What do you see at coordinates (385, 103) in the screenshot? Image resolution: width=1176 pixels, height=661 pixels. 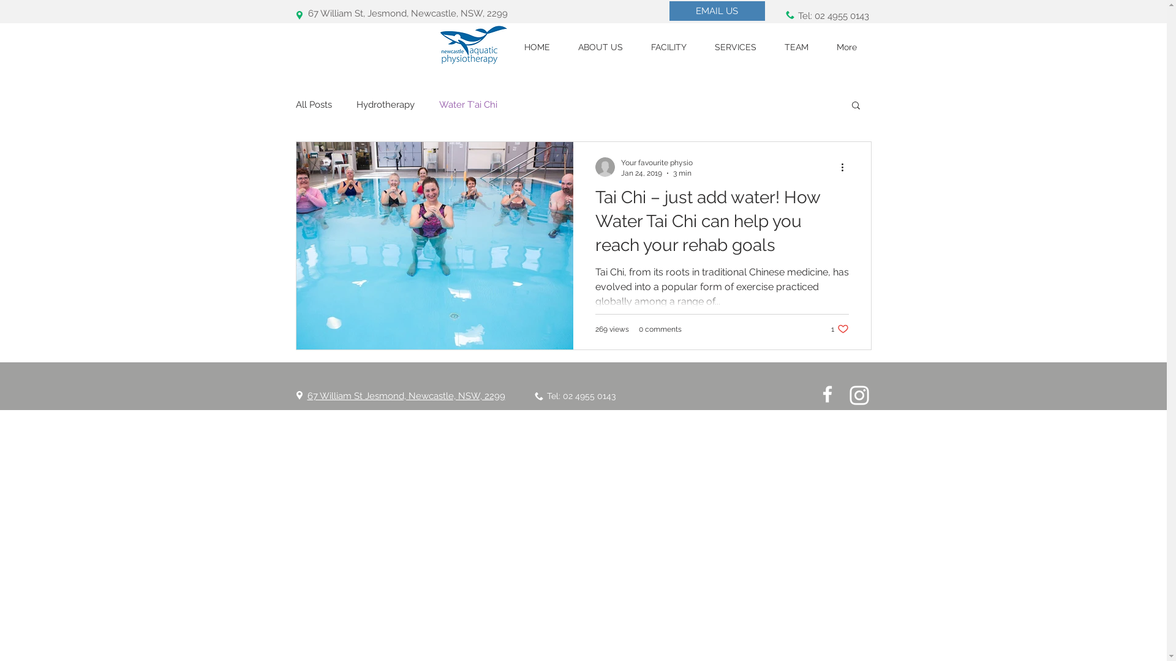 I see `'Hydrotherapy'` at bounding box center [385, 103].